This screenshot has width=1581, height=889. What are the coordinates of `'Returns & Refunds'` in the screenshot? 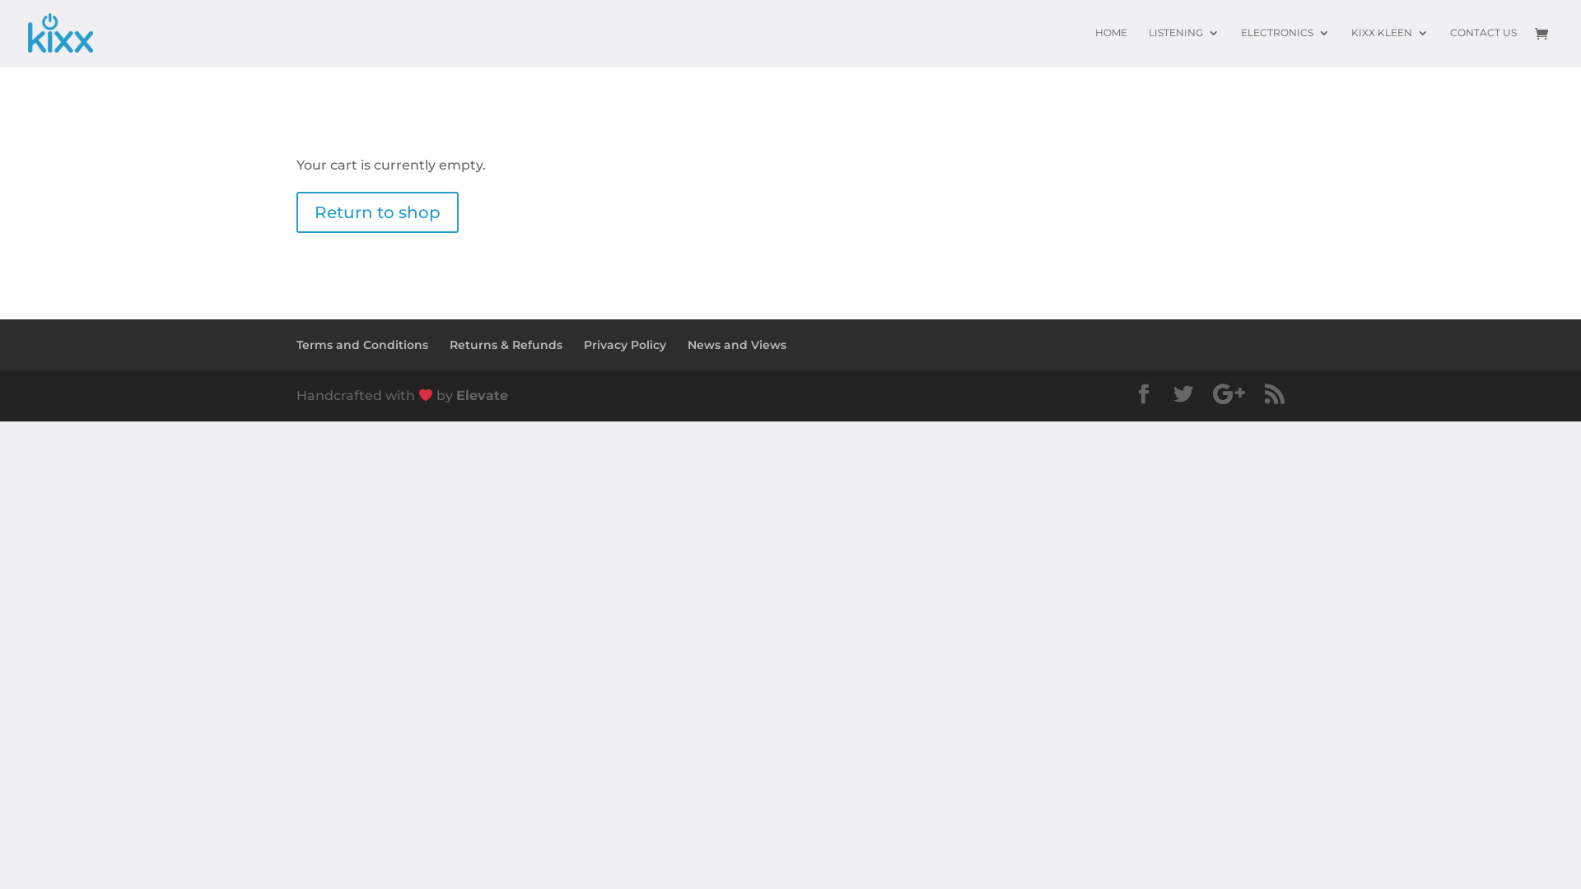 It's located at (505, 344).